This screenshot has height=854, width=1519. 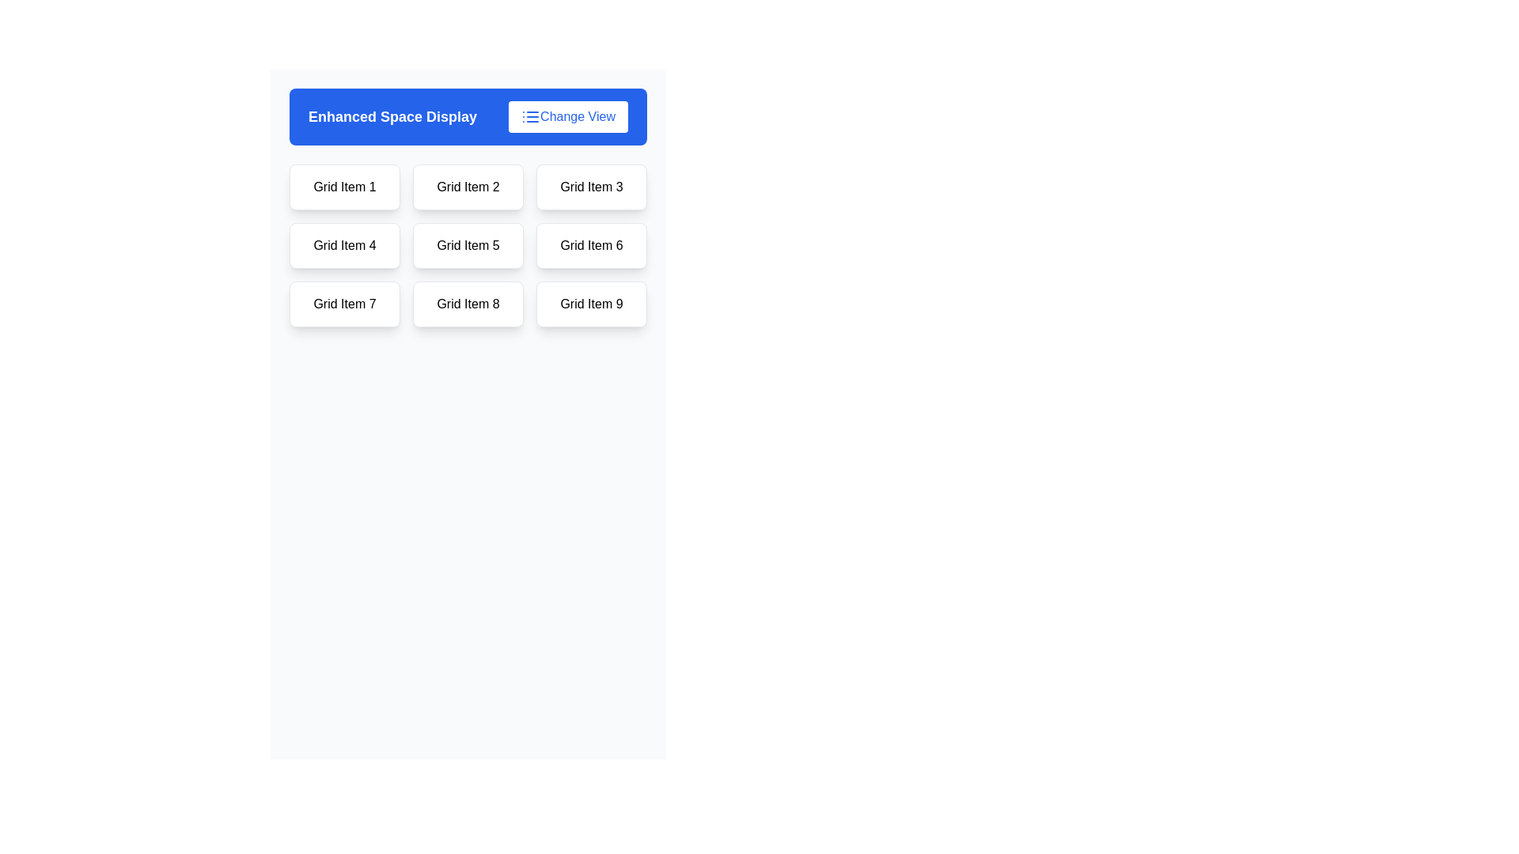 I want to click on the rectangular grid item labeled 'Grid Item 6', so click(x=591, y=246).